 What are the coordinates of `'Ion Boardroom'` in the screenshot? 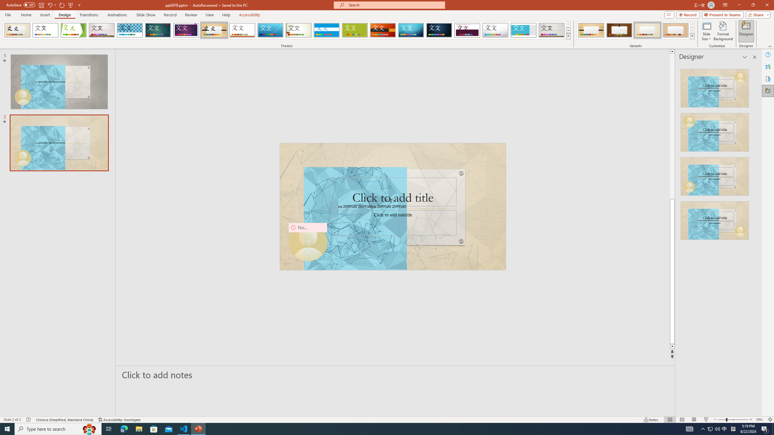 It's located at (186, 30).